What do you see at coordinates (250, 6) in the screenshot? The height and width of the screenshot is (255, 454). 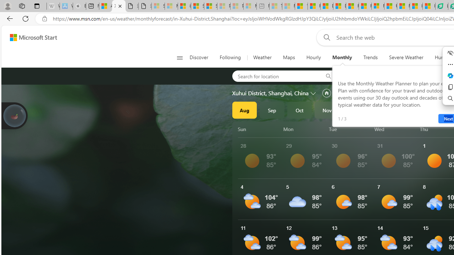 I see `'Microsoft account | Account Checkup - Sleeping'` at bounding box center [250, 6].